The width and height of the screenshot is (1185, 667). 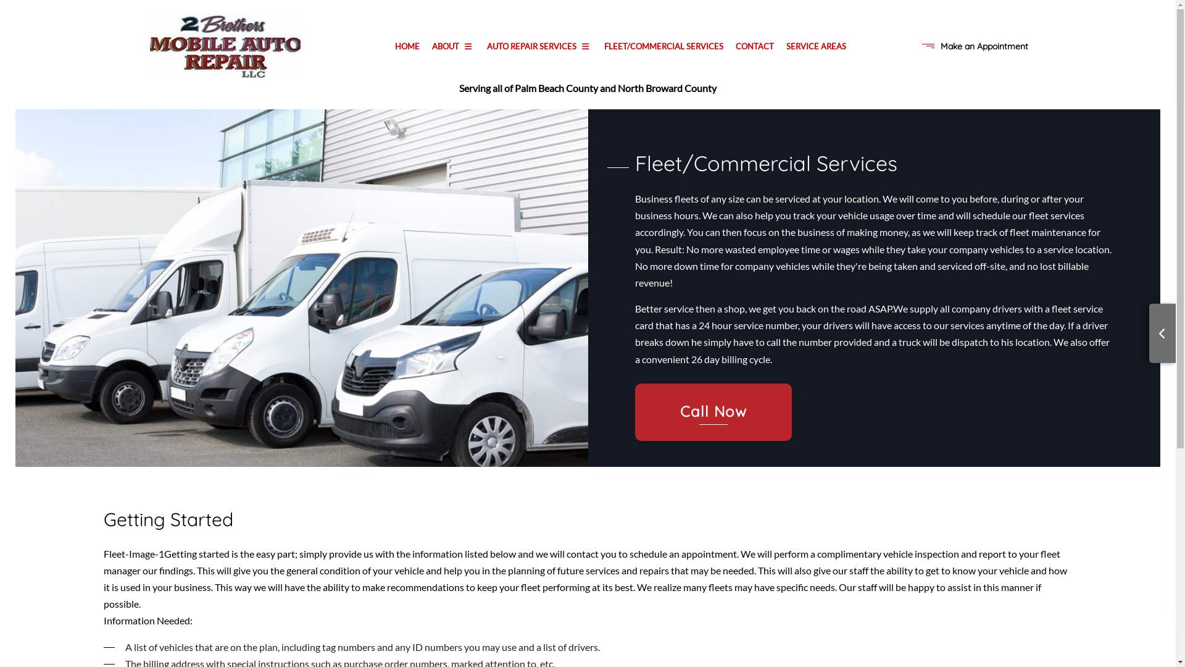 I want to click on 'HOME', so click(x=388, y=46).